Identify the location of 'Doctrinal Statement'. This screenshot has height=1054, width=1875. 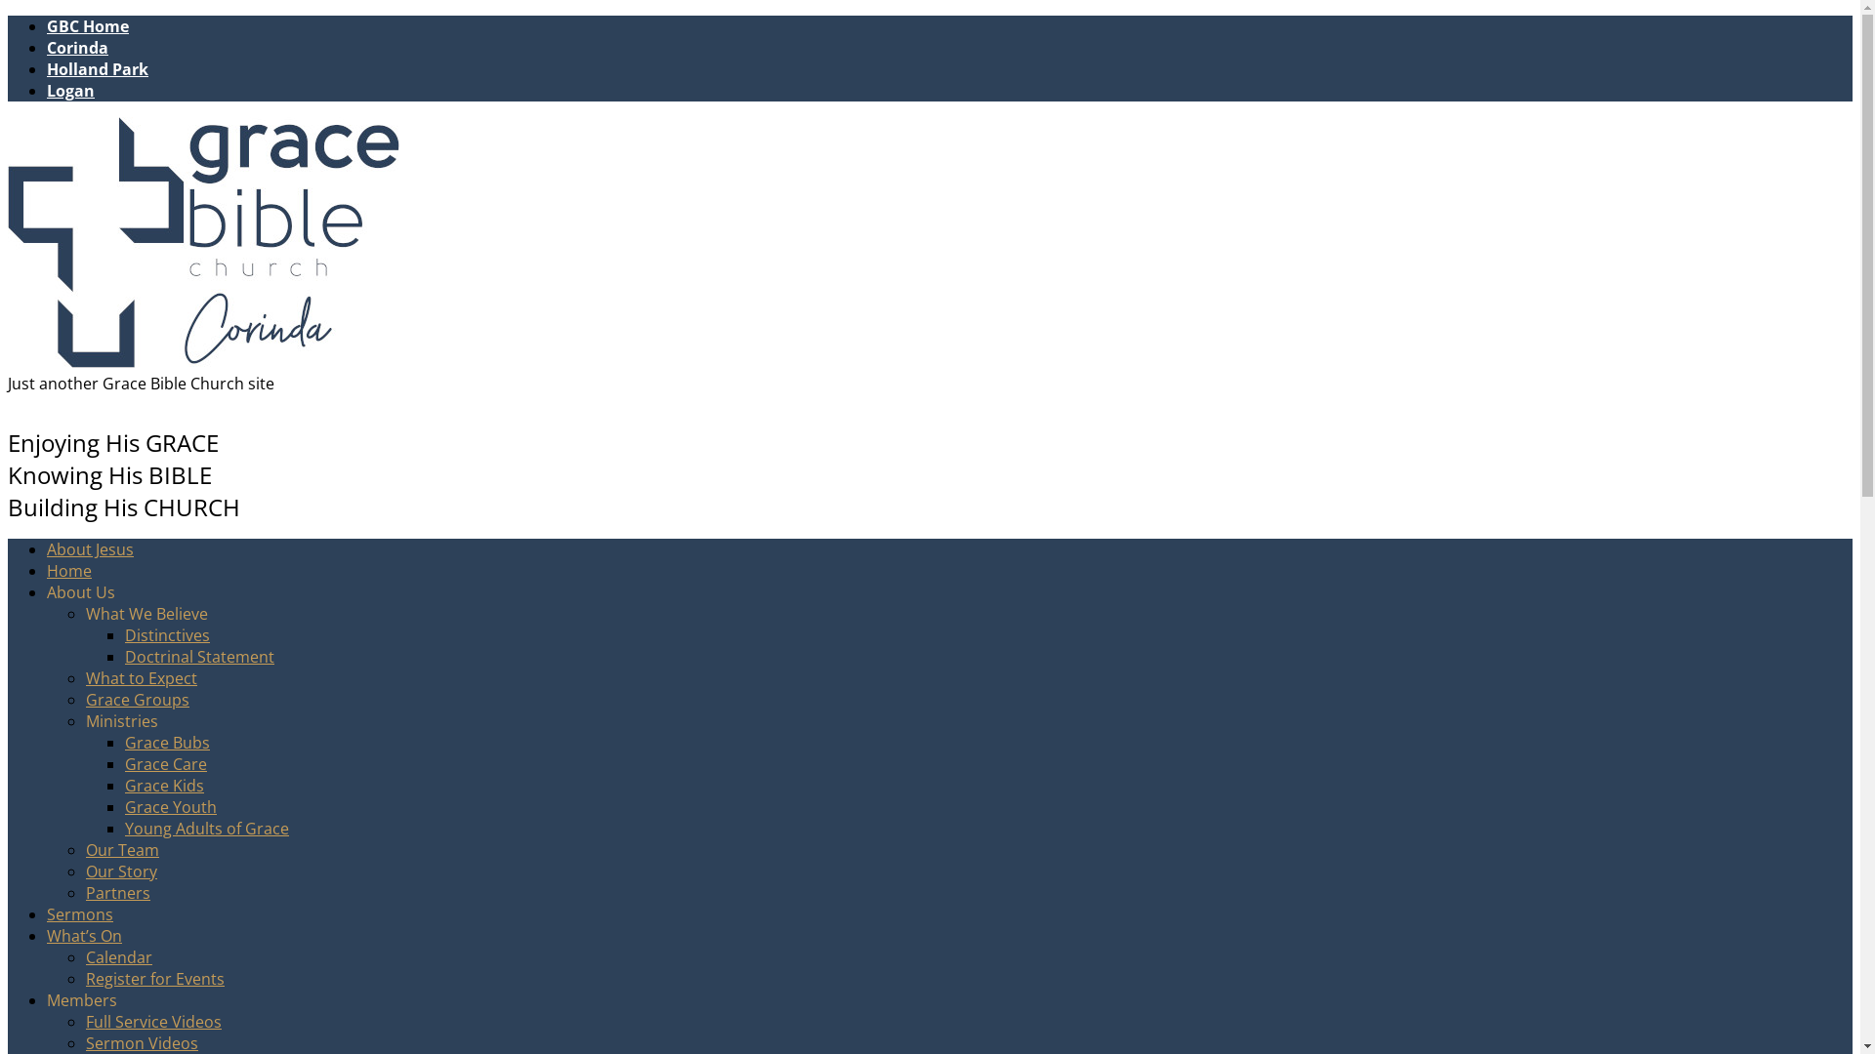
(199, 656).